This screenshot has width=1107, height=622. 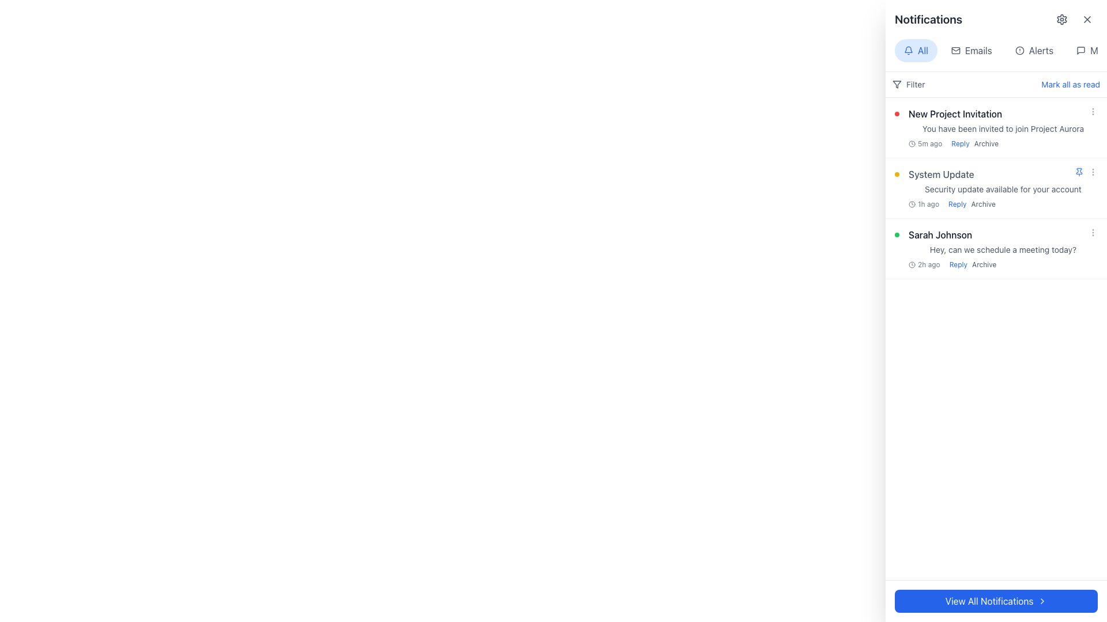 What do you see at coordinates (1042, 601) in the screenshot?
I see `the rightward chevron arrow icon that is located on the right side of the 'View All Notifications' button` at bounding box center [1042, 601].